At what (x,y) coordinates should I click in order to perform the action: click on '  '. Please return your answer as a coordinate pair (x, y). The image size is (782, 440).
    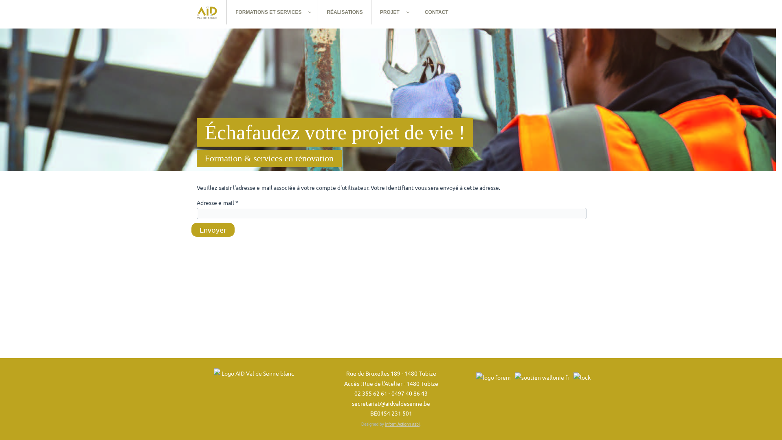
    Looking at the image, I should click on (187, 12).